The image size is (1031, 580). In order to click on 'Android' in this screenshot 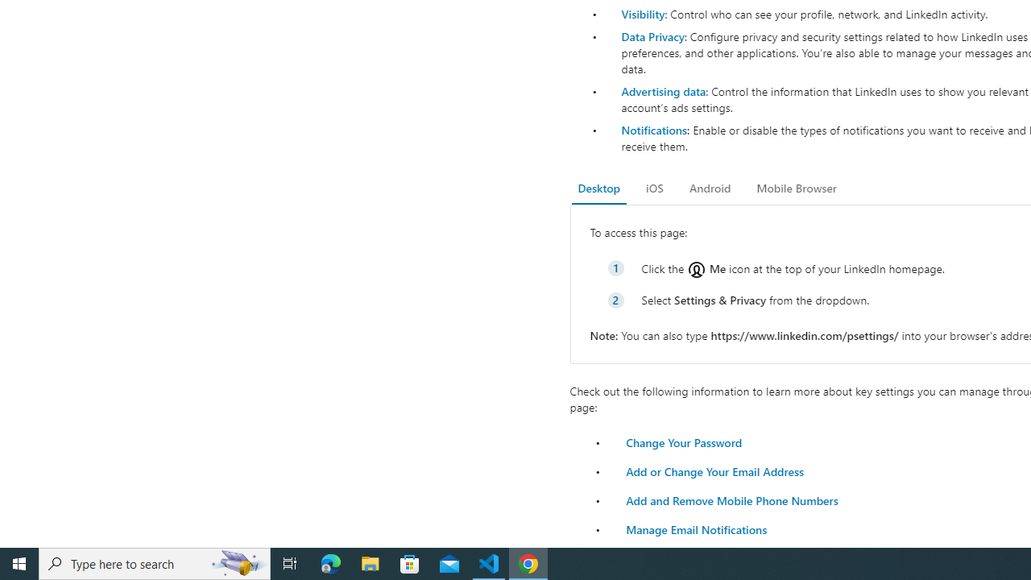, I will do `click(709, 188)`.